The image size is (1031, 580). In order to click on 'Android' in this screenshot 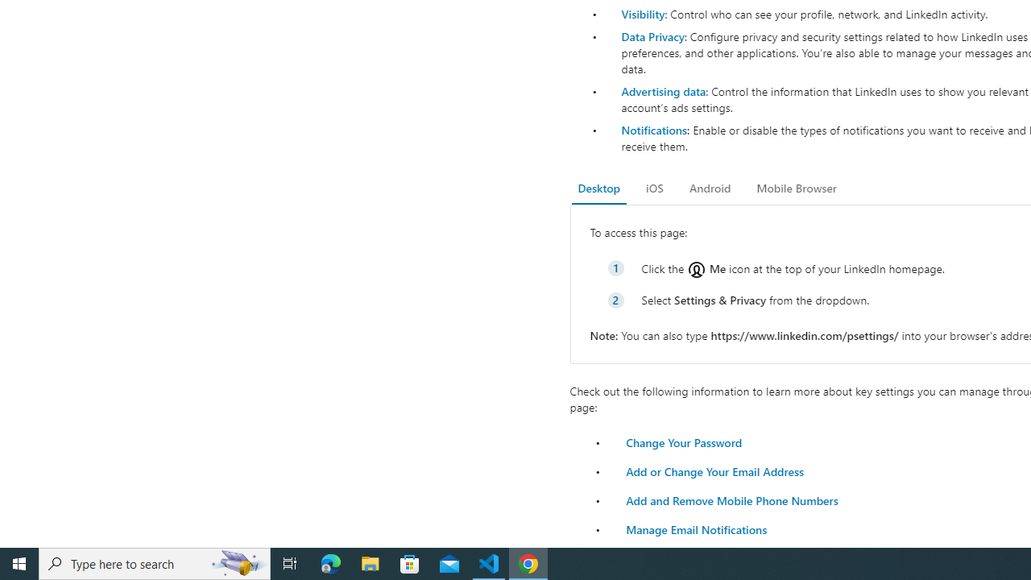, I will do `click(709, 188)`.